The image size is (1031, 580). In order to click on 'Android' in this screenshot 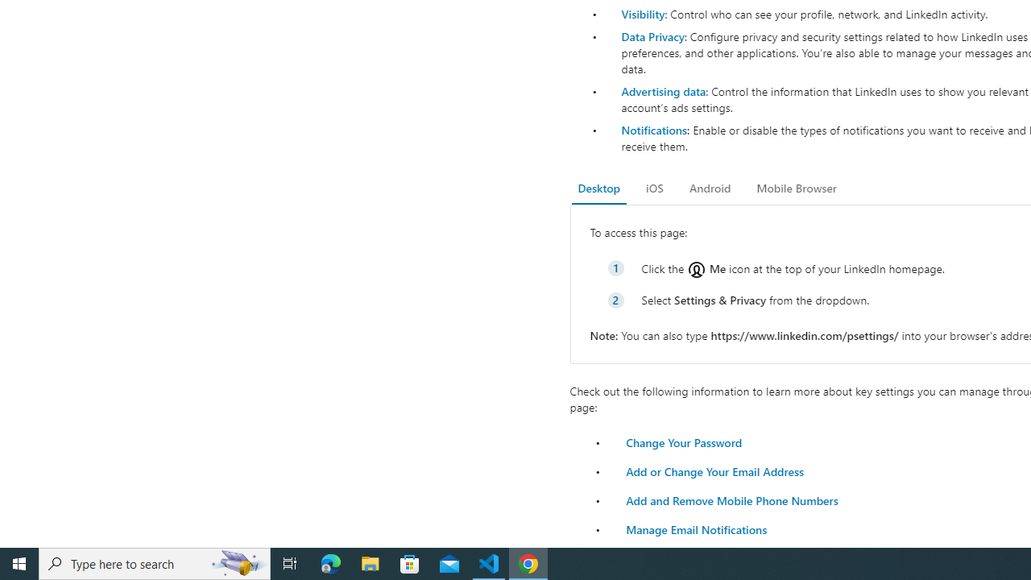, I will do `click(709, 188)`.